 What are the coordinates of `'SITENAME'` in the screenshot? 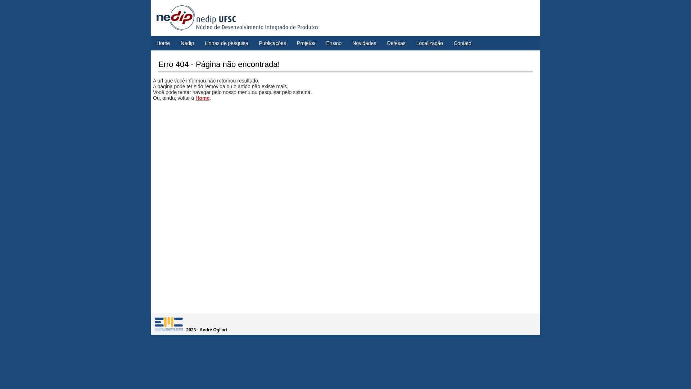 It's located at (168, 323).